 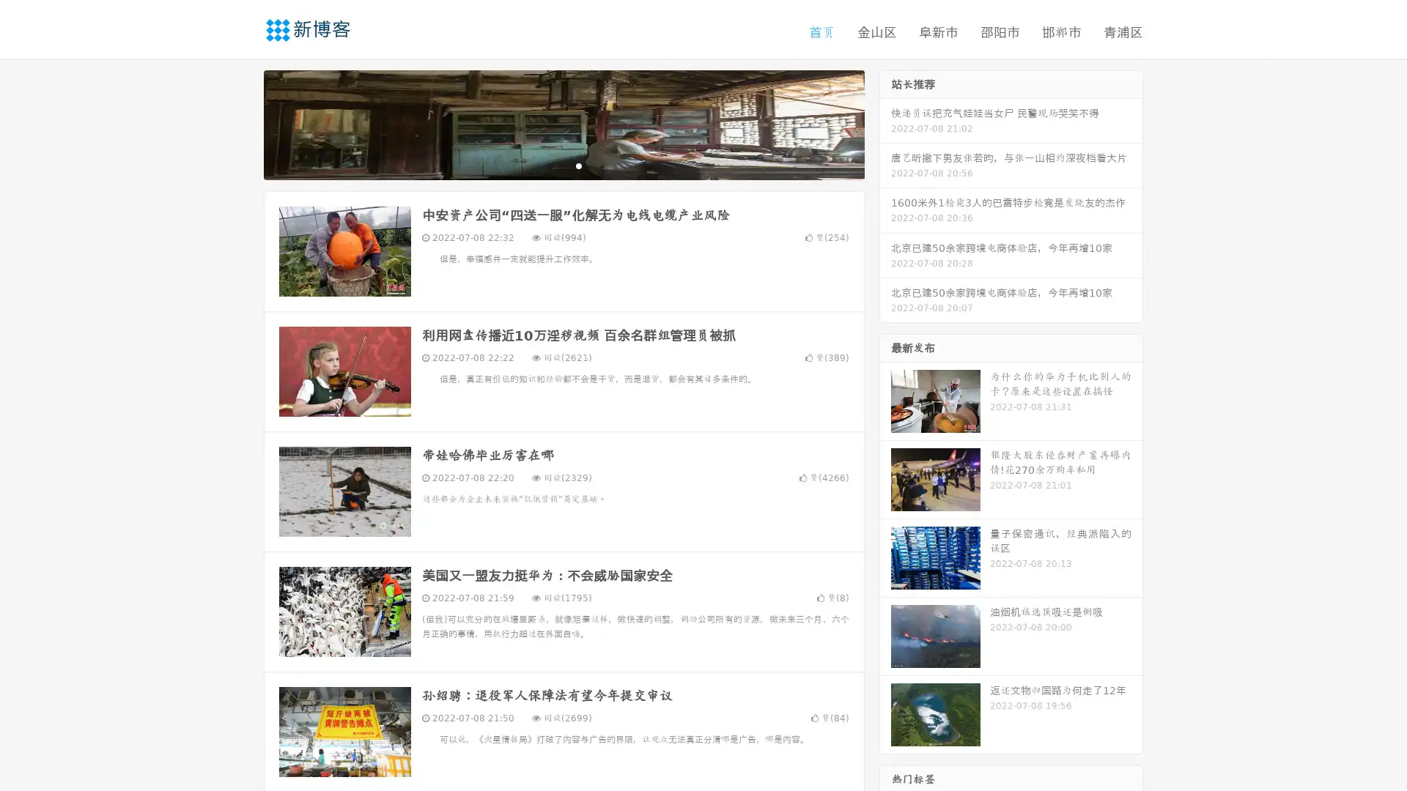 I want to click on Next slide, so click(x=885, y=123).